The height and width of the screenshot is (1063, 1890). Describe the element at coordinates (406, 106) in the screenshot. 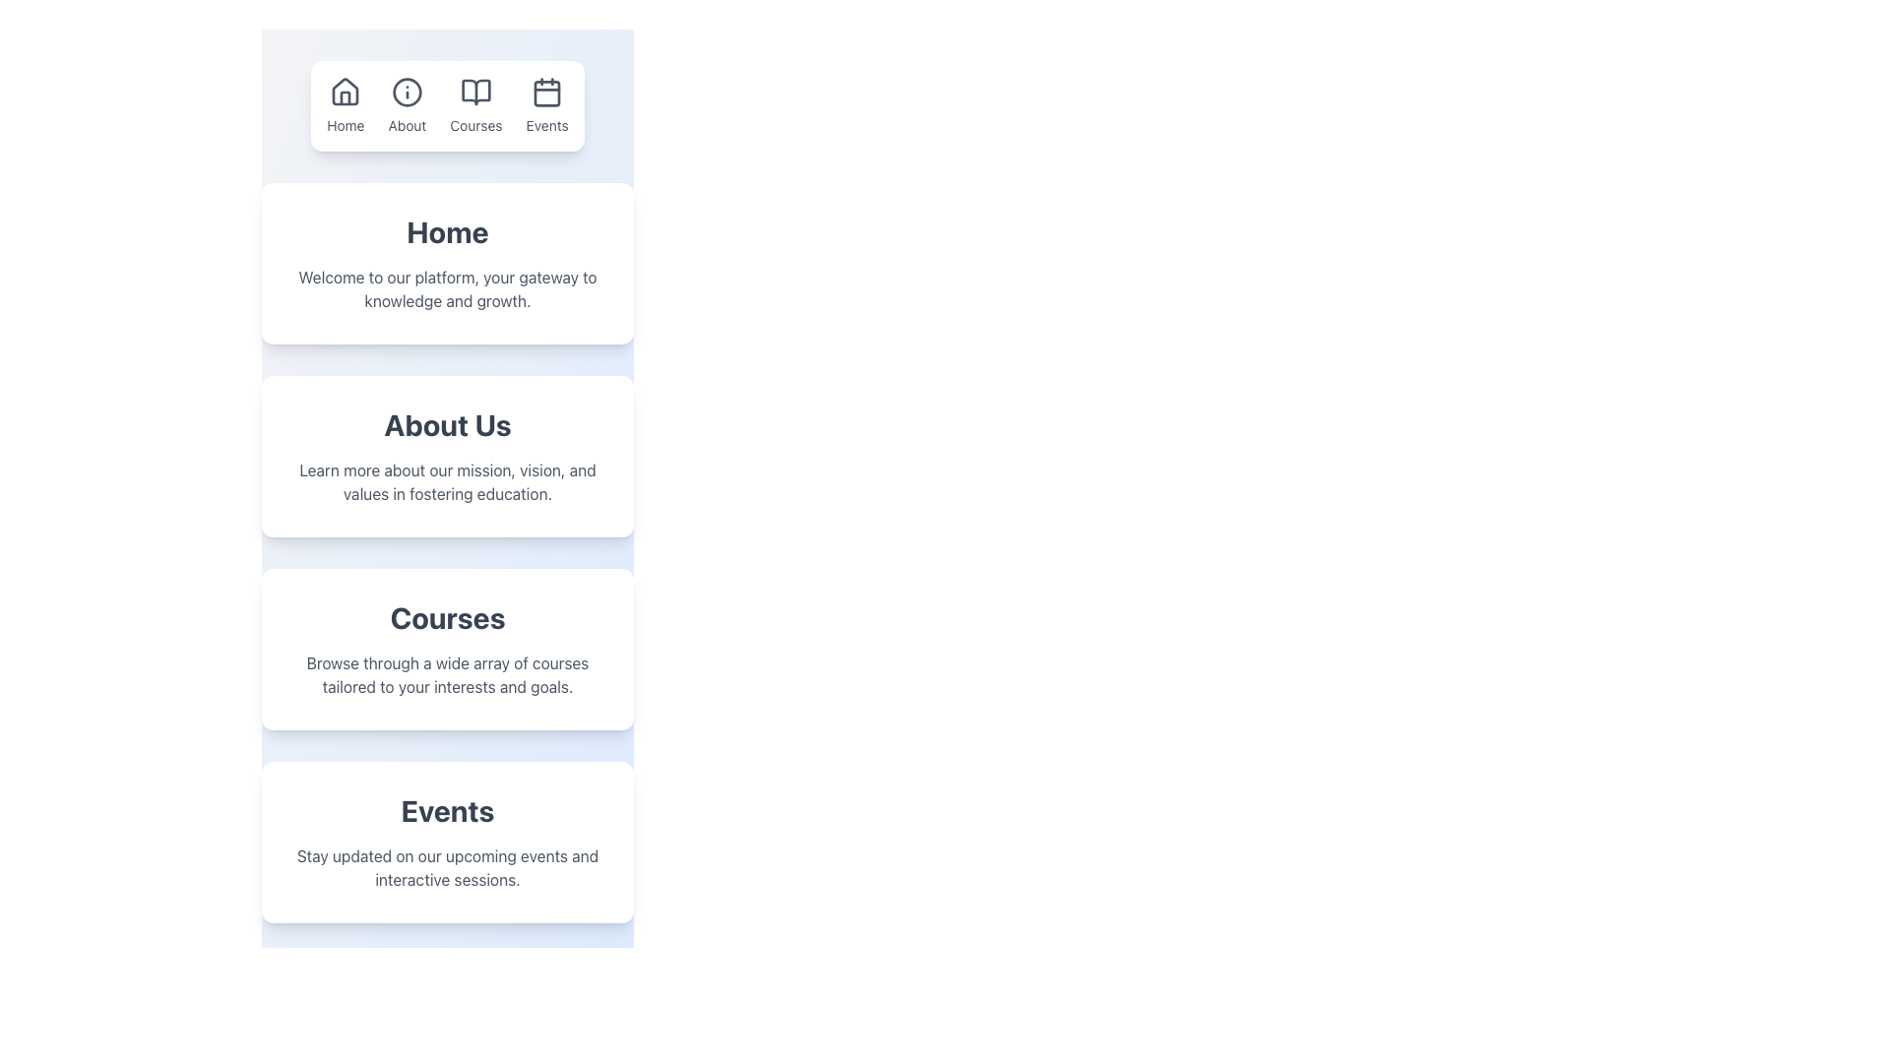

I see `the 'About' link element, which features an information icon above the label in a navigation menu` at that location.